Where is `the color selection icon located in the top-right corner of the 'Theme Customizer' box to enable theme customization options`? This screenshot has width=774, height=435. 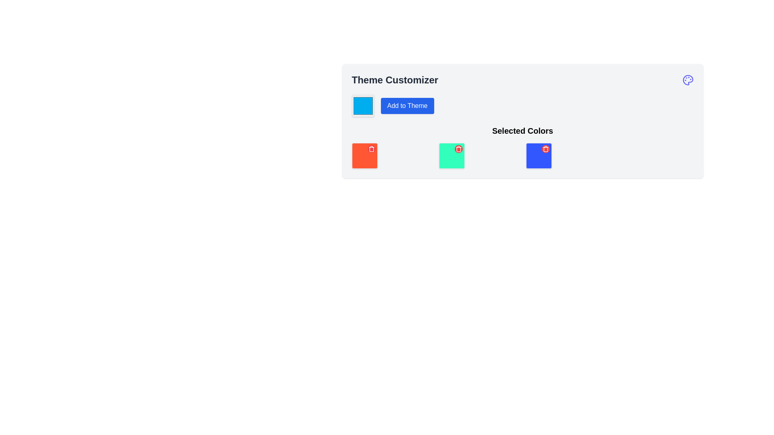
the color selection icon located in the top-right corner of the 'Theme Customizer' box to enable theme customization options is located at coordinates (687, 80).